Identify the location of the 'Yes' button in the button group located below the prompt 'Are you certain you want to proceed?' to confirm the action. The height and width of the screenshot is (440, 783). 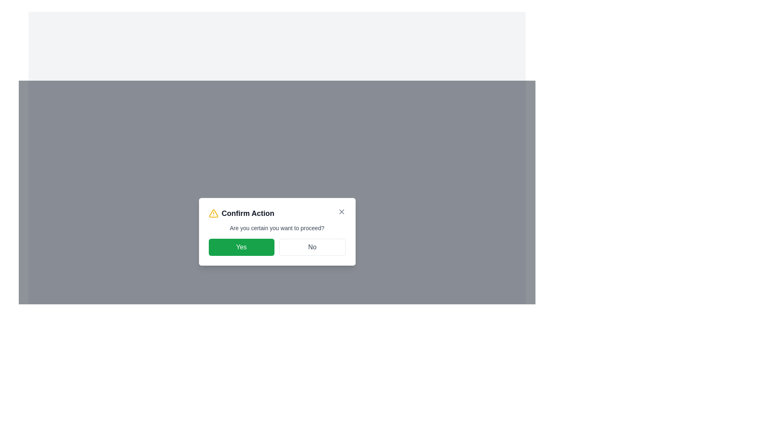
(277, 246).